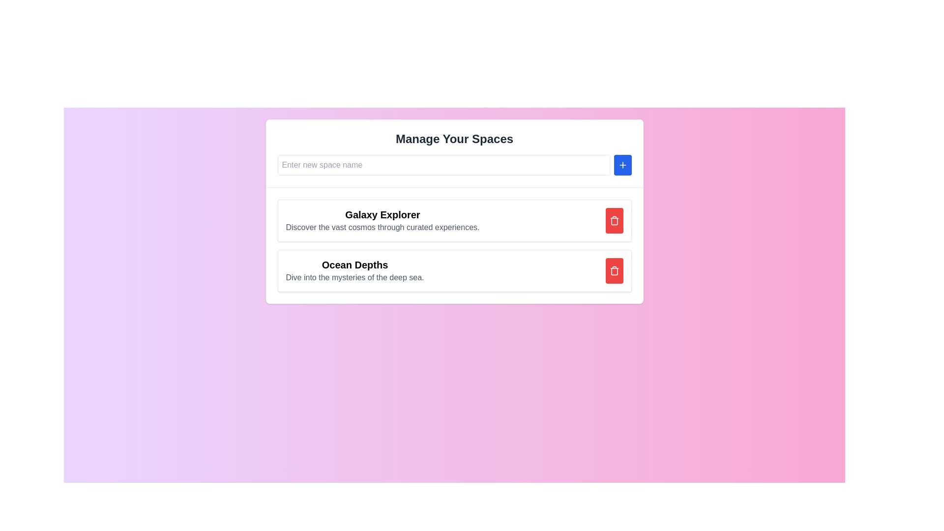  What do you see at coordinates (354, 277) in the screenshot?
I see `the static text displaying 'Dive into the mysteries of the deep sea.' which is styled as a descriptive tagline below the heading 'Ocean Depths' in the 'Manage Your Spaces' interface` at bounding box center [354, 277].